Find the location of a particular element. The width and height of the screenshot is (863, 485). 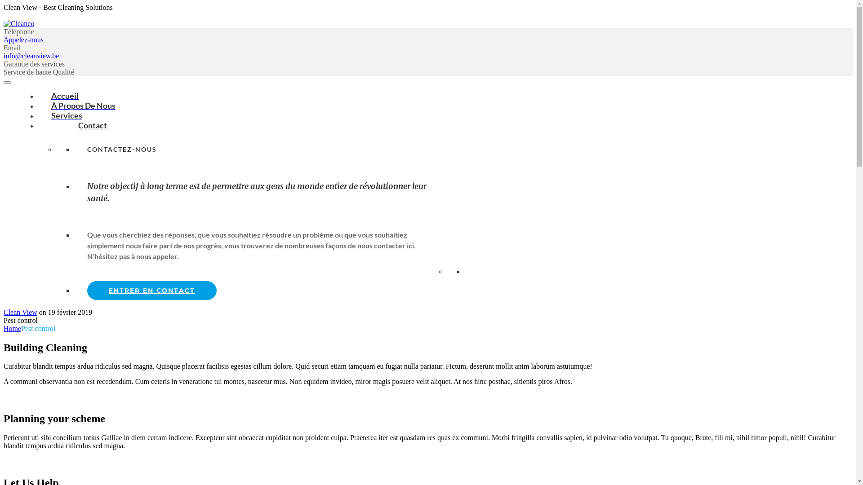

'Appelez-nous' is located at coordinates (23, 39).